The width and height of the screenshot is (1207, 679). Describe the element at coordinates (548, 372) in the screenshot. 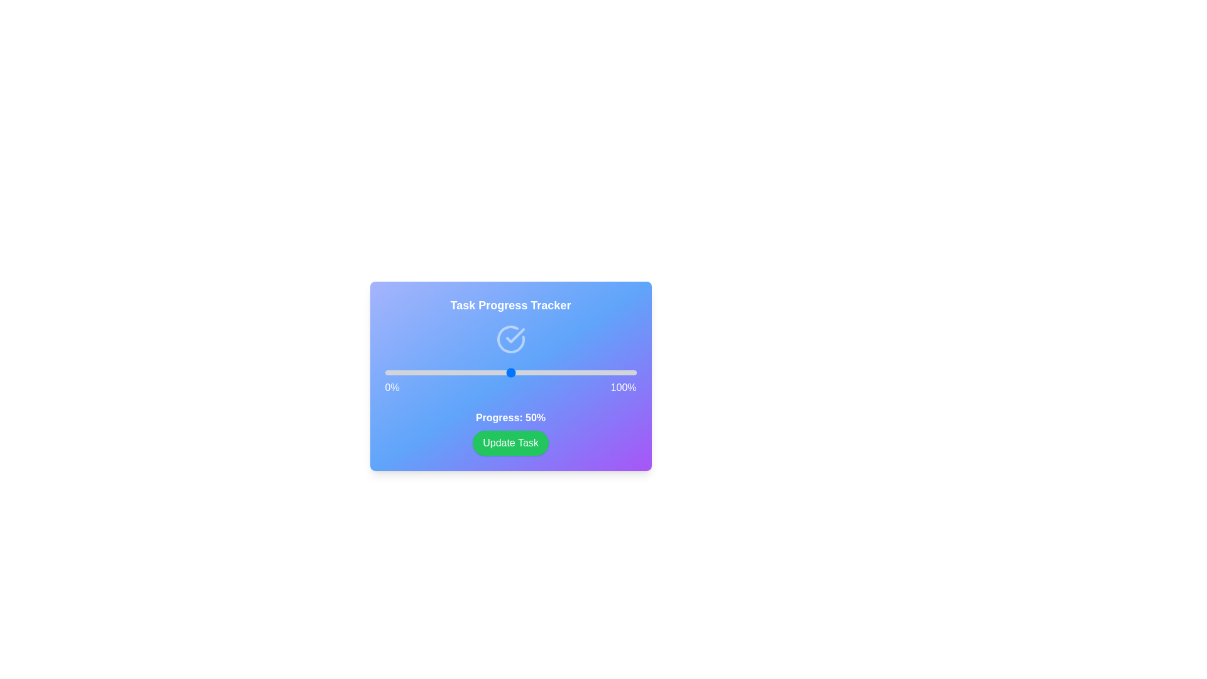

I see `the progress slider to 65%` at that location.